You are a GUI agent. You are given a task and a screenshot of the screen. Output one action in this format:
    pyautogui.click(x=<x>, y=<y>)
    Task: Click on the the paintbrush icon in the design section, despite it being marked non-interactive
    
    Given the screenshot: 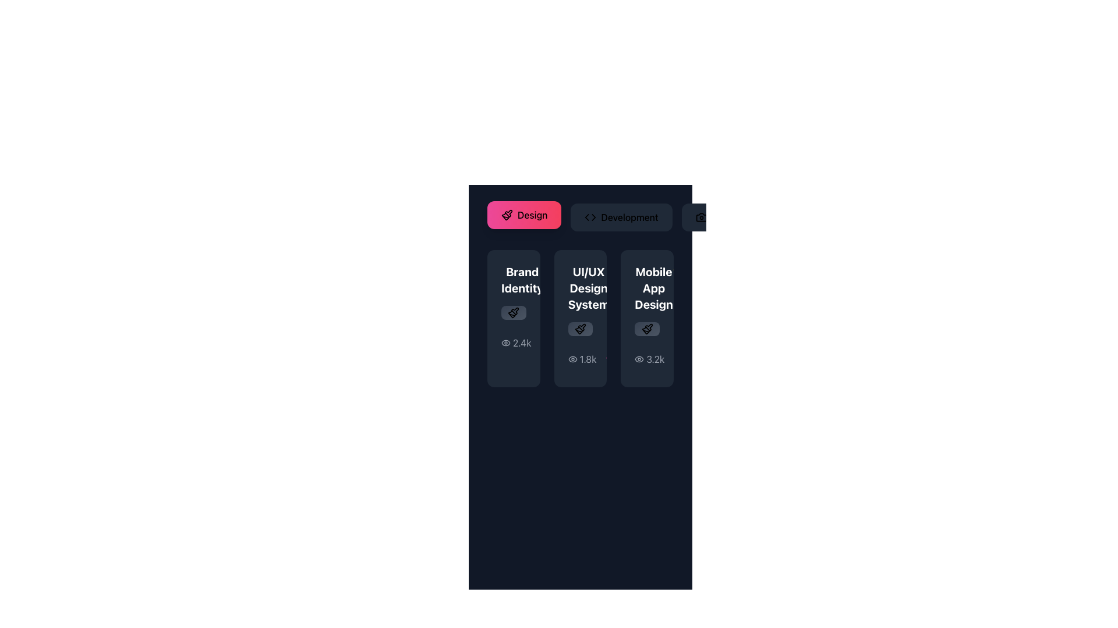 What is the action you would take?
    pyautogui.click(x=508, y=213)
    